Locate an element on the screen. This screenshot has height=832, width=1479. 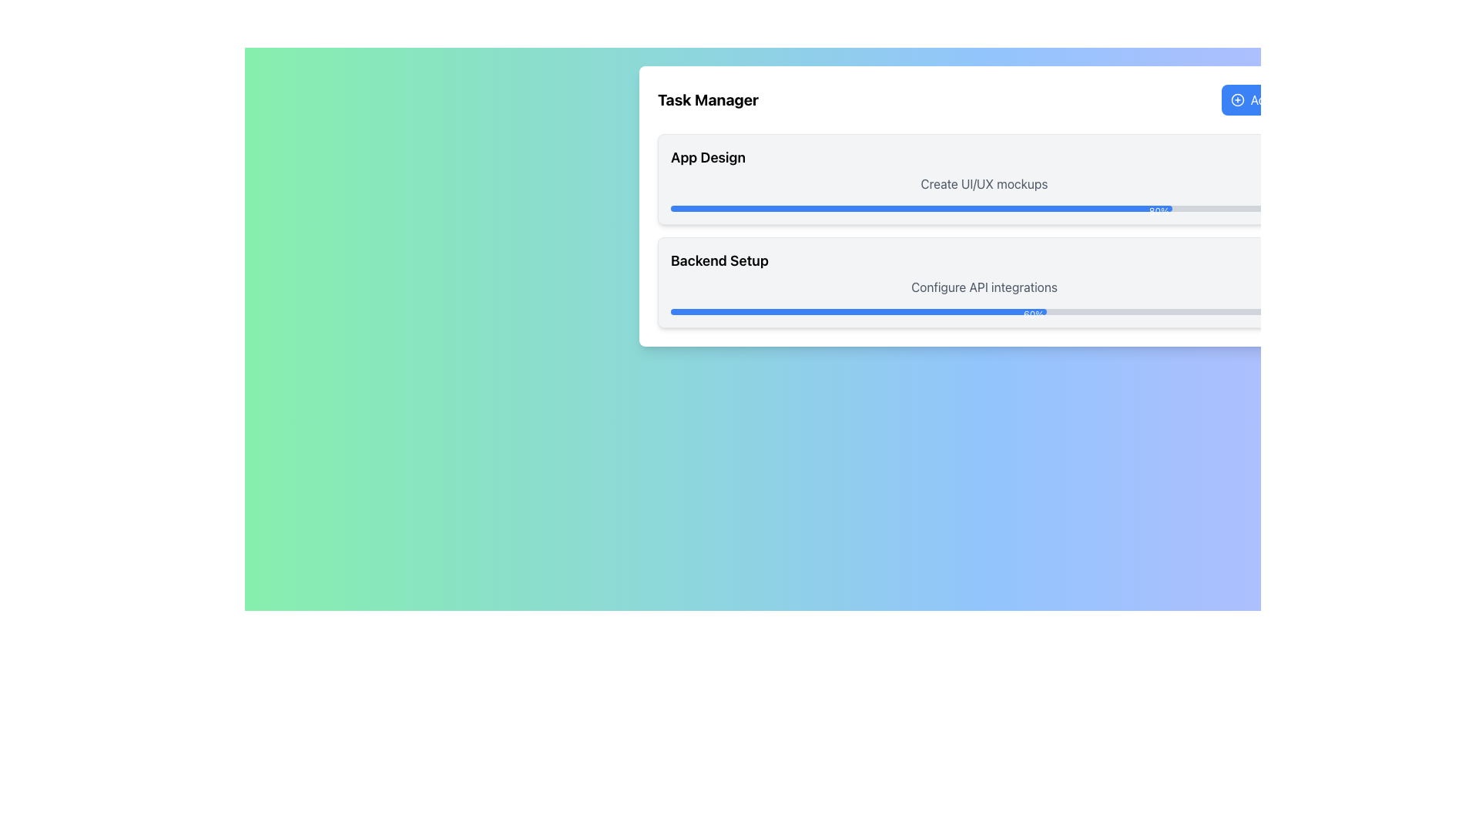
the Task Card containing 'App Design' and 'Create UI/UX mockups' with an 80% progress bar, which is the first item in a vertical list of task cards is located at coordinates (983, 178).